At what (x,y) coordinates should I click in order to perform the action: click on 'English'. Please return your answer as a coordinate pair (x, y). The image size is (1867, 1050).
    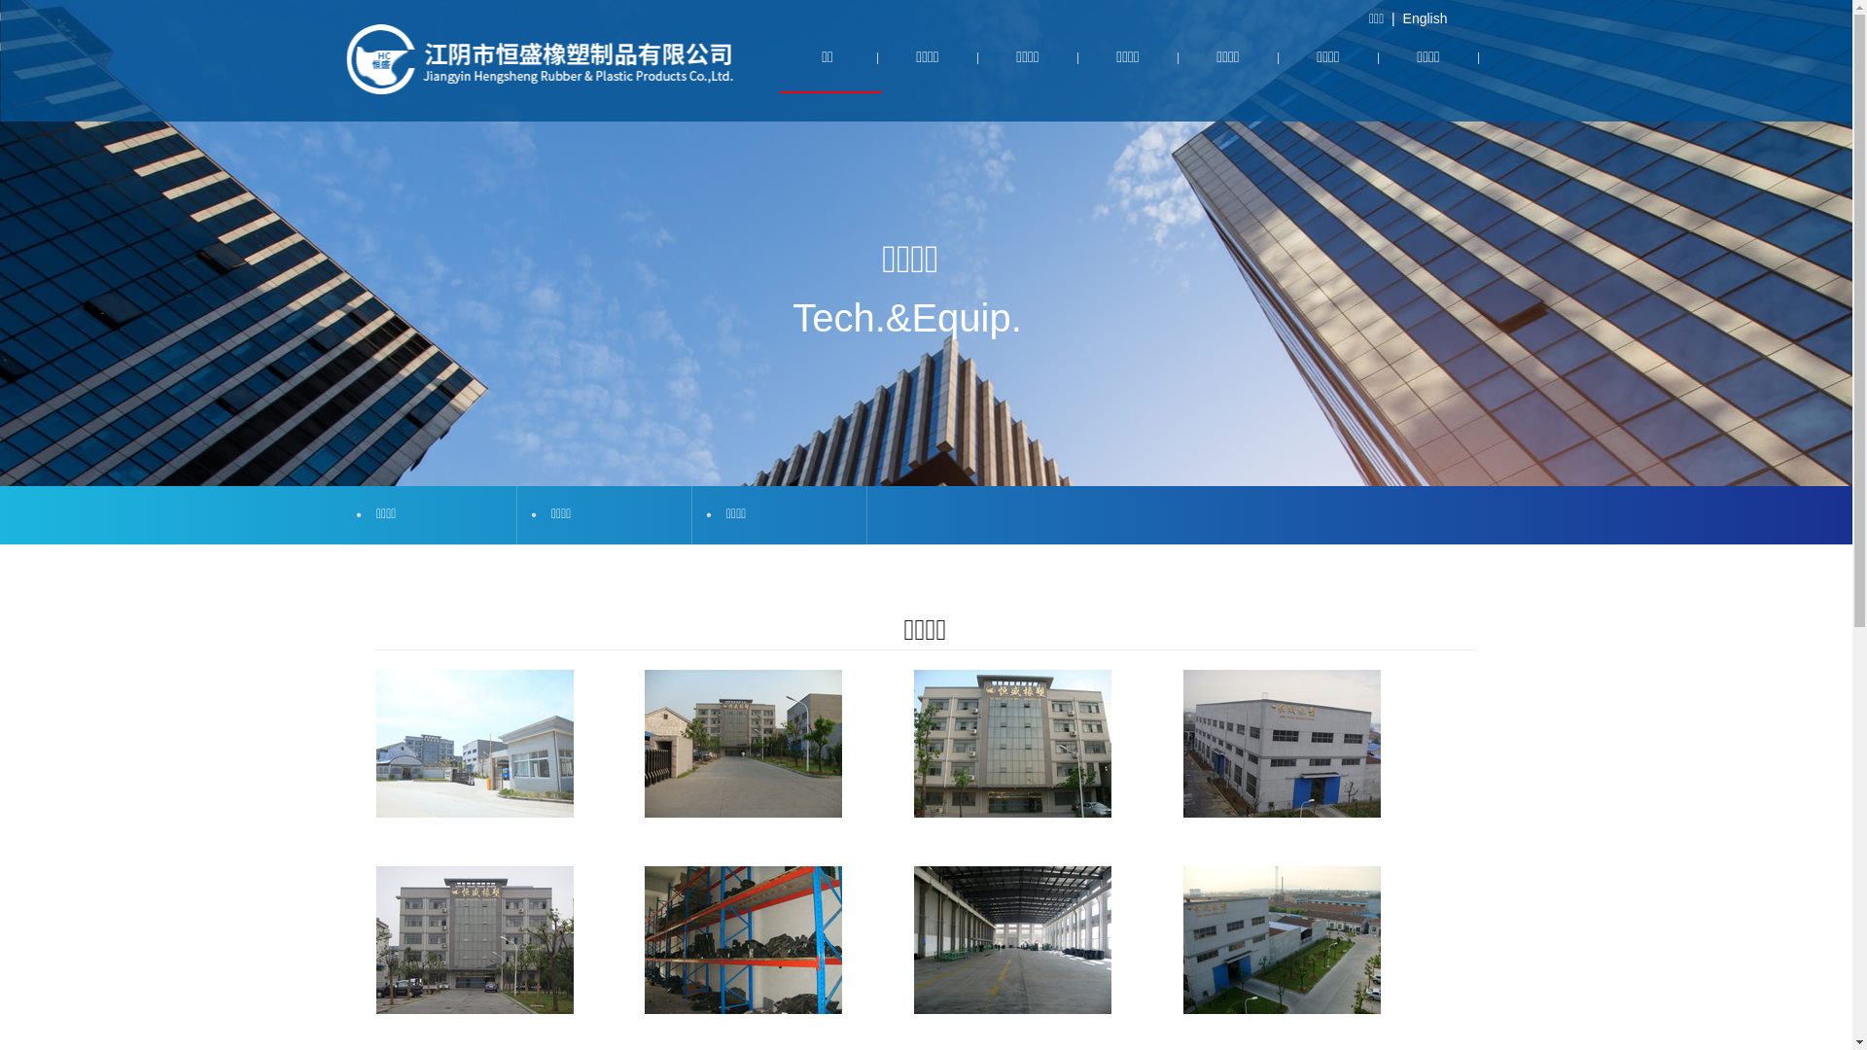
    Looking at the image, I should click on (1403, 18).